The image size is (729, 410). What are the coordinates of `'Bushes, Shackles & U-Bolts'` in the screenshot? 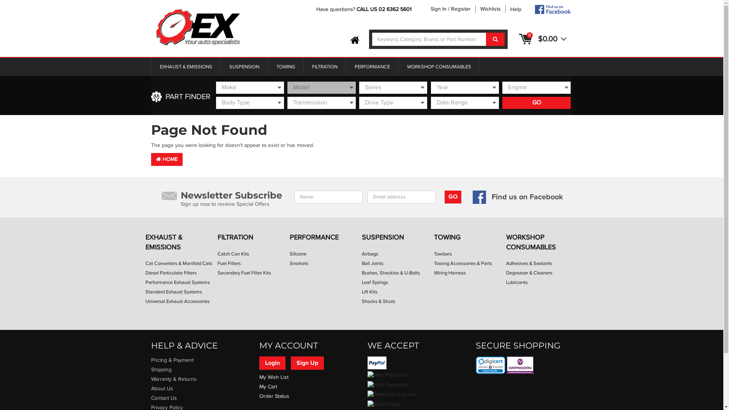 It's located at (361, 272).